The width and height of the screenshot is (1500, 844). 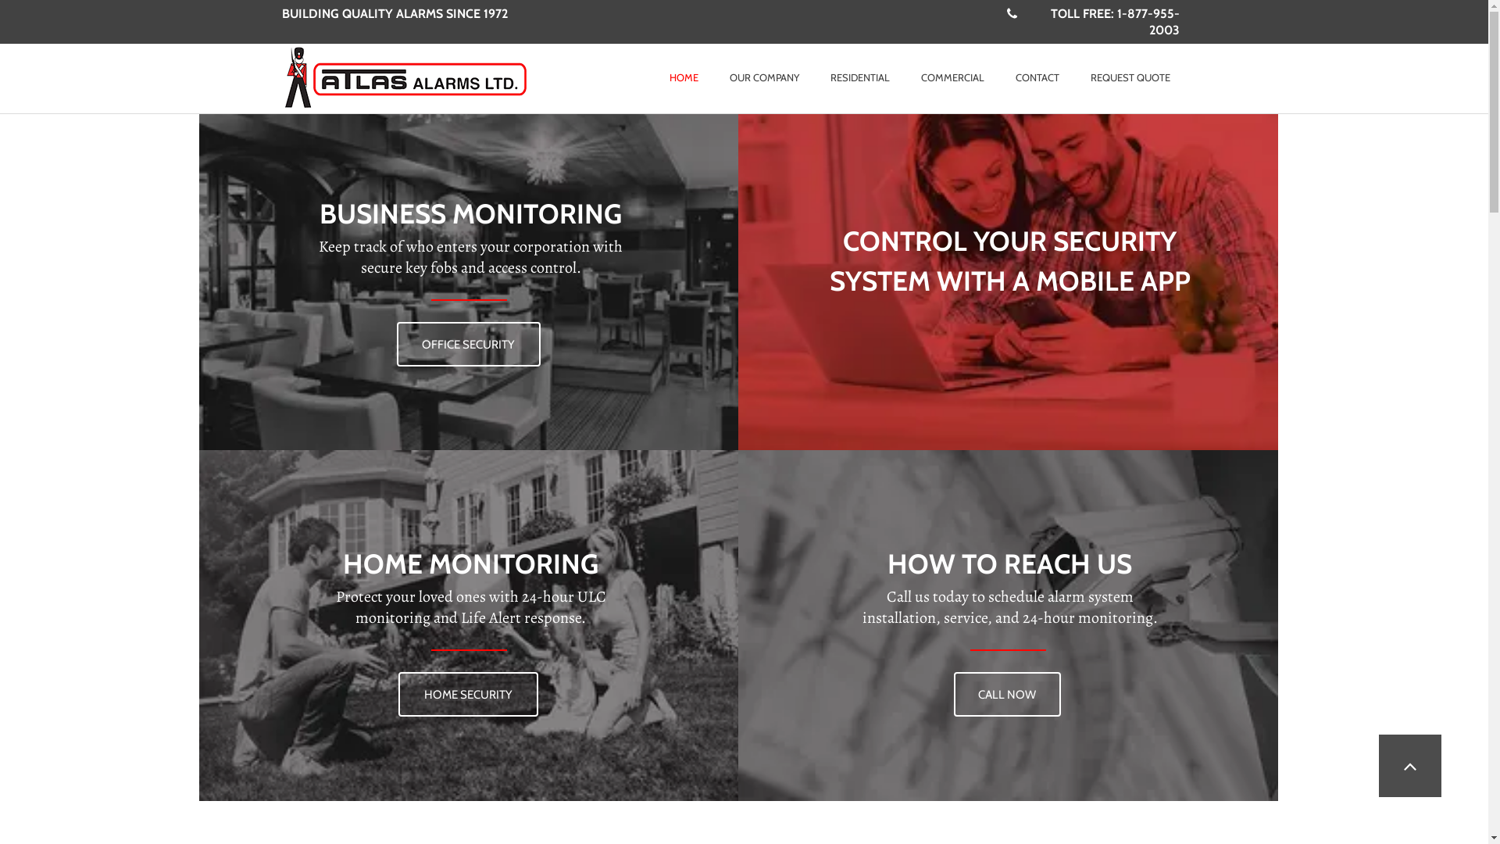 What do you see at coordinates (1148, 21) in the screenshot?
I see `'1-877-955-2003'` at bounding box center [1148, 21].